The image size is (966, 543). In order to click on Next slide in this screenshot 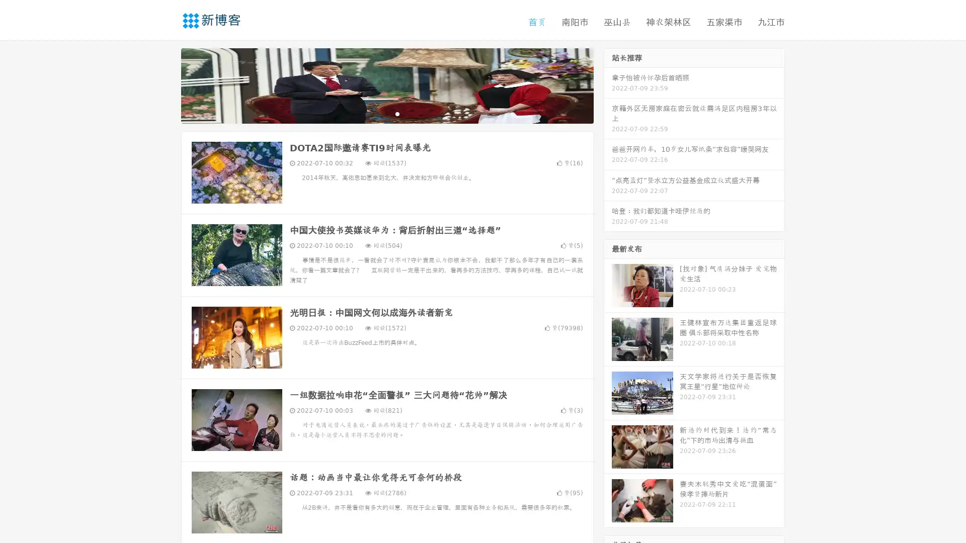, I will do `click(608, 84)`.